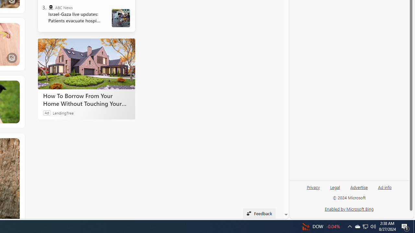 The width and height of the screenshot is (415, 233). I want to click on 'Ad info', so click(385, 189).